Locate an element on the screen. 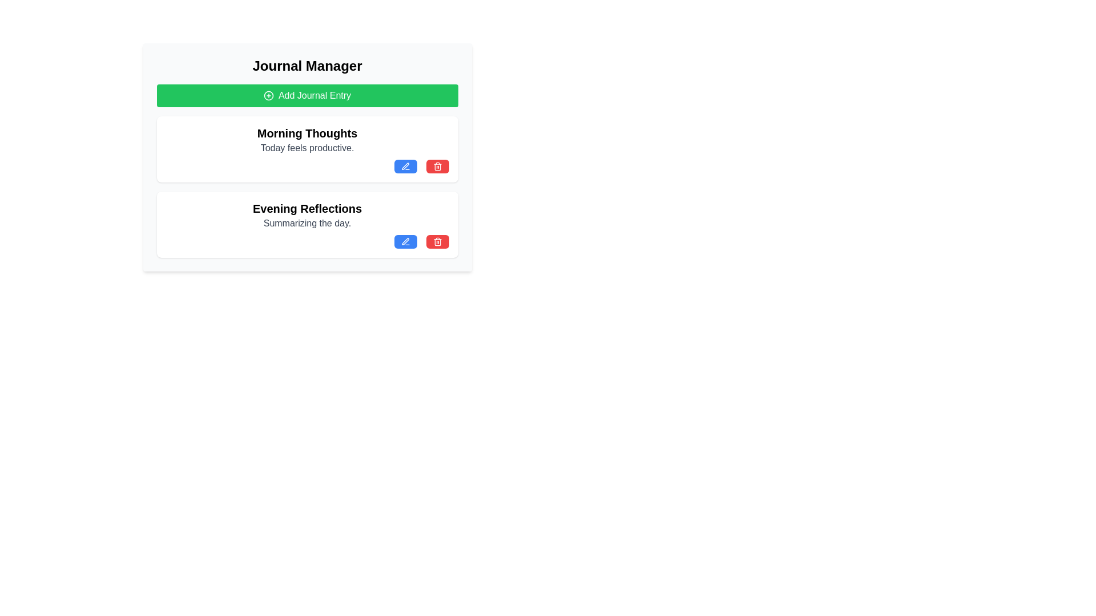  the heading label for the journal entry summary located above the line 'Summarizing the day' in the 'Evening Reflections' section is located at coordinates (307, 209).